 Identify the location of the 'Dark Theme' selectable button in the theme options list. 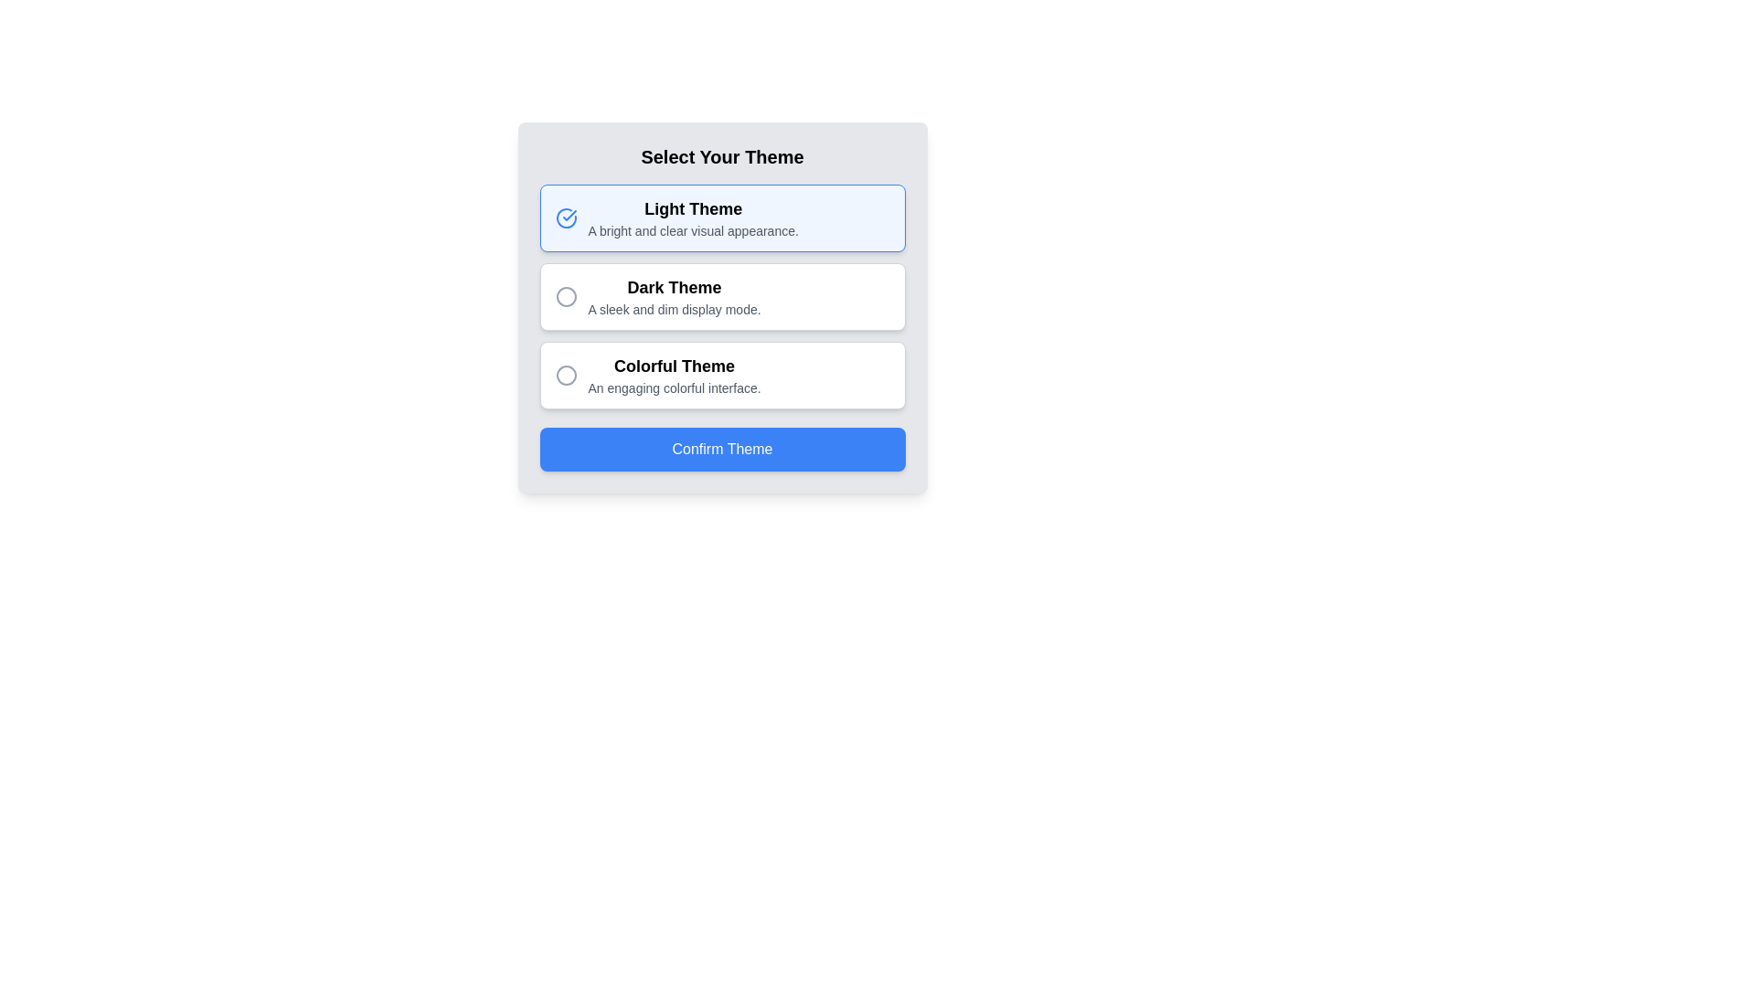
(721, 295).